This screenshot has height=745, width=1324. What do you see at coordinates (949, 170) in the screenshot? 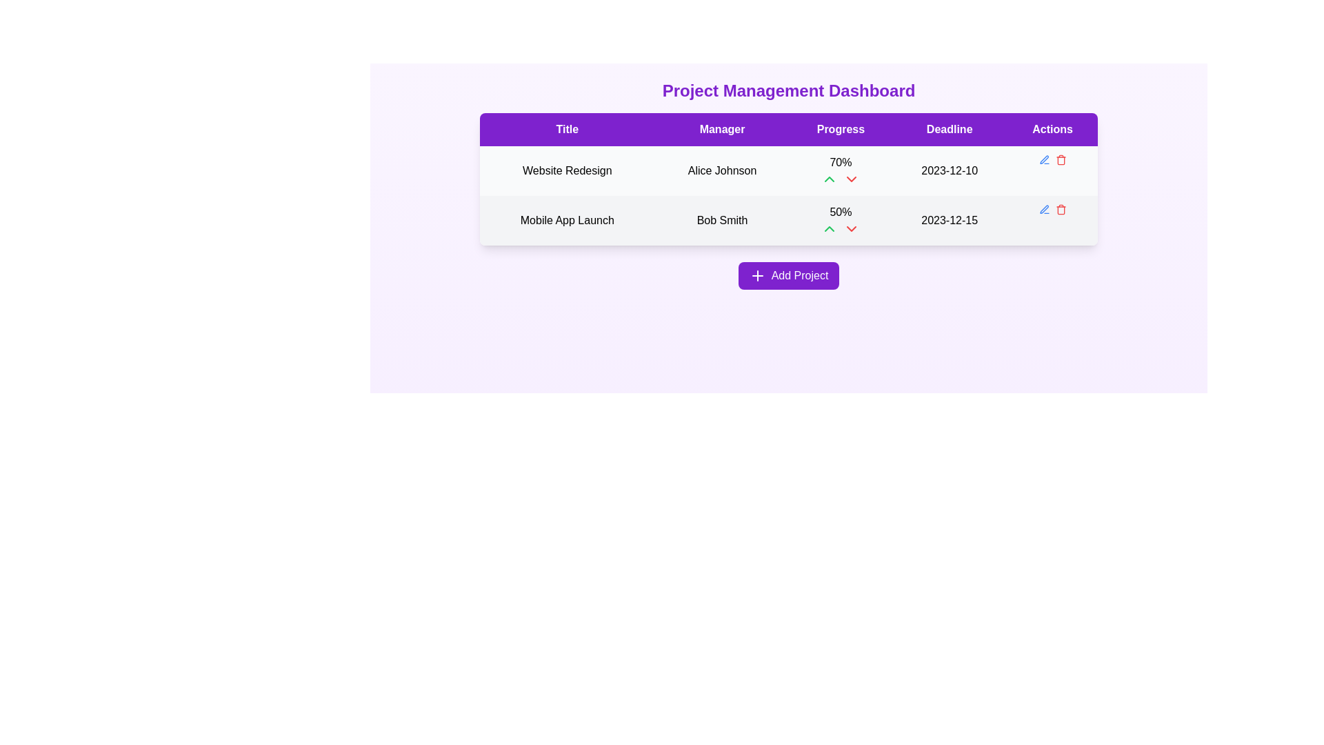
I see `the text display element showing the date '2023-12-10' in the 'Deadline' column of the table` at bounding box center [949, 170].